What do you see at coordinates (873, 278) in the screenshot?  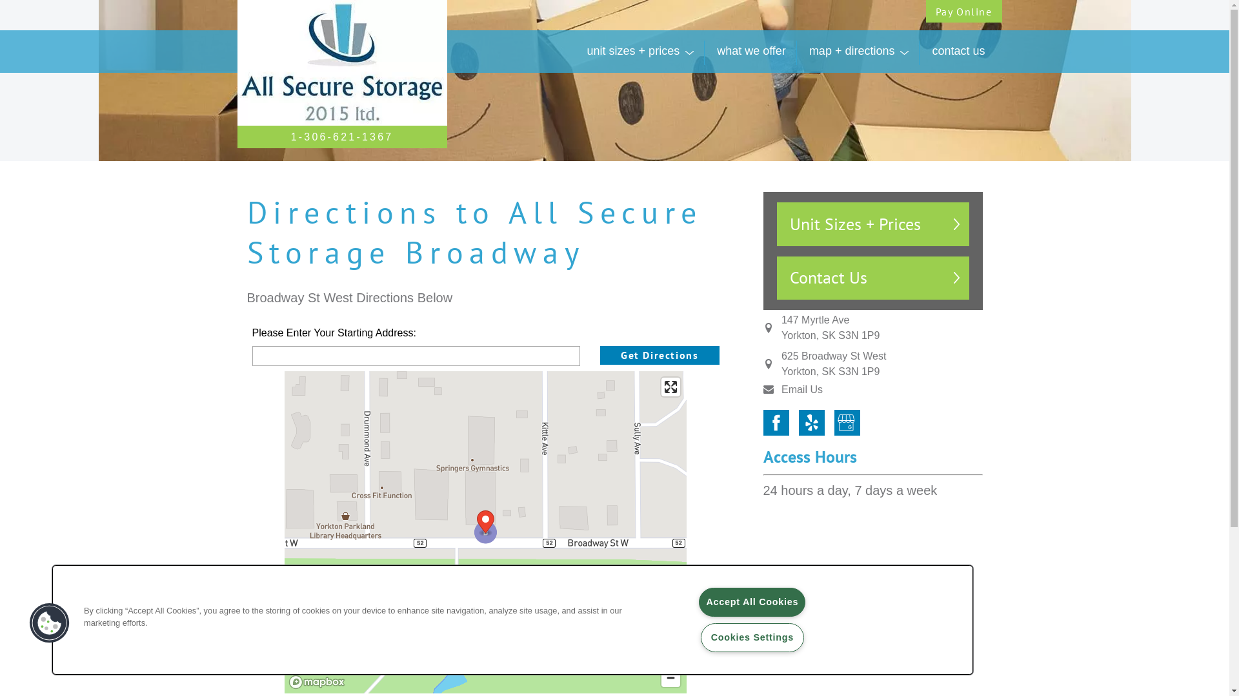 I see `'Contact Us'` at bounding box center [873, 278].